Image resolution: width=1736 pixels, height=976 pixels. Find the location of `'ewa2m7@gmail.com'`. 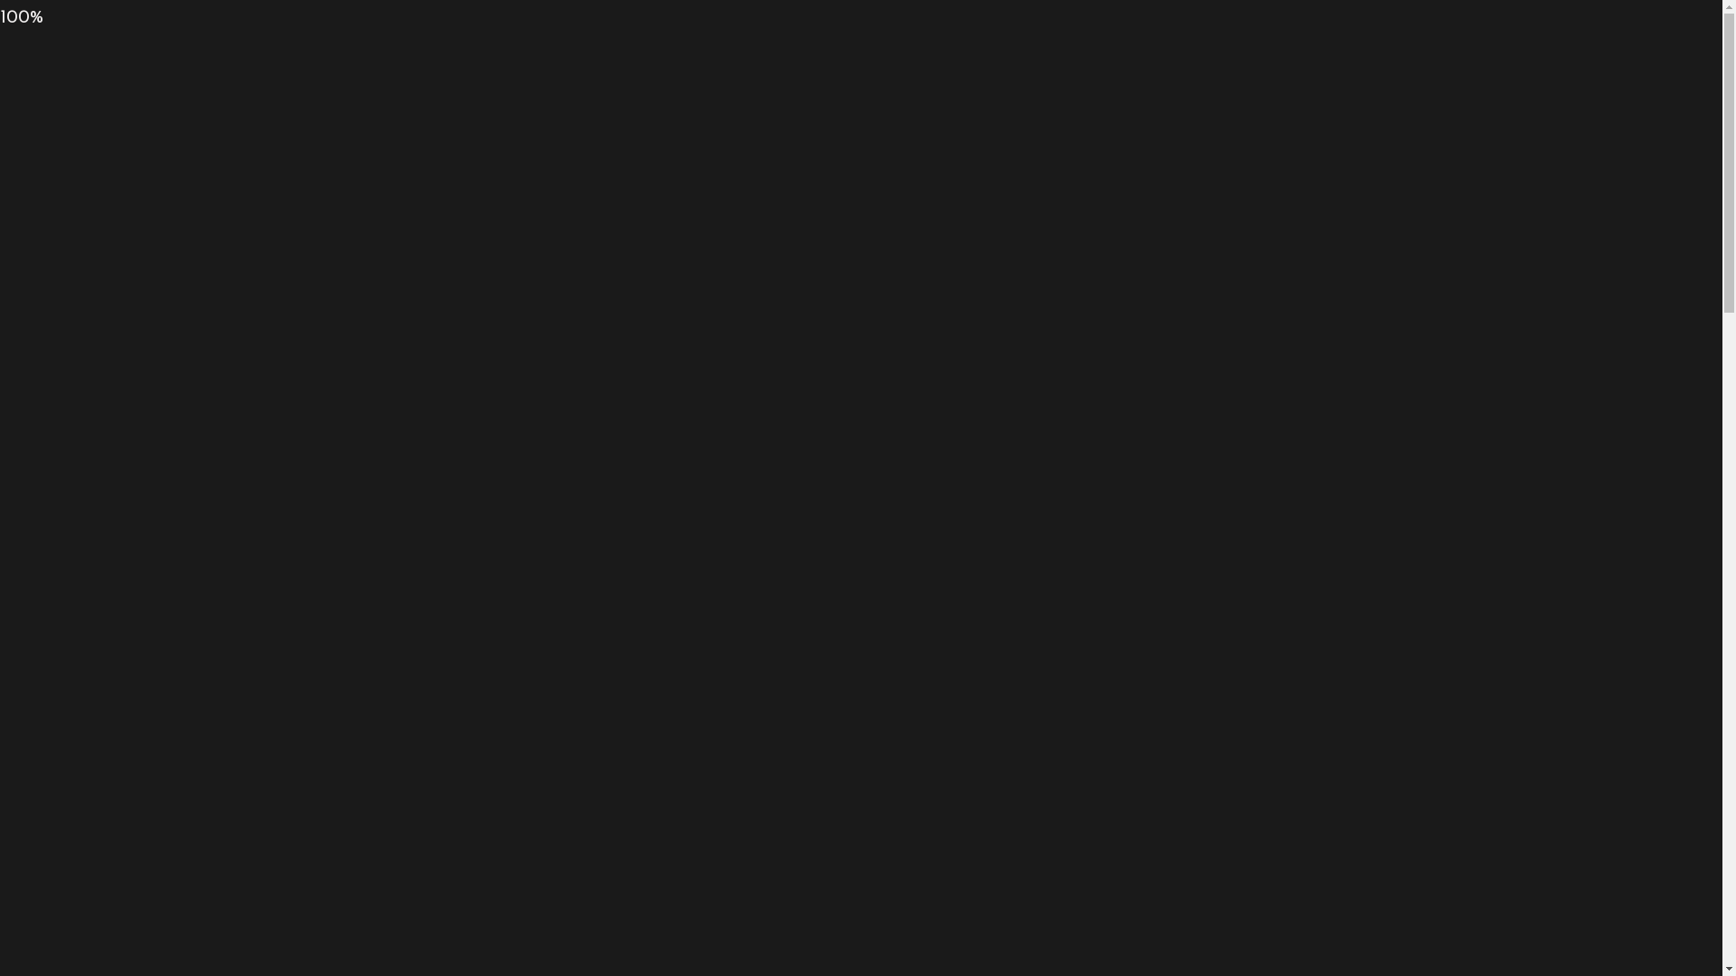

'ewa2m7@gmail.com' is located at coordinates (399, 69).